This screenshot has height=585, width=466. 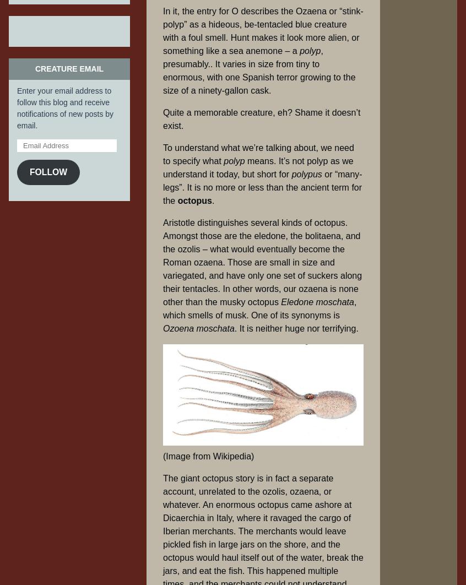 What do you see at coordinates (259, 308) in the screenshot?
I see `', which smells of musk. One of its synonyms is'` at bounding box center [259, 308].